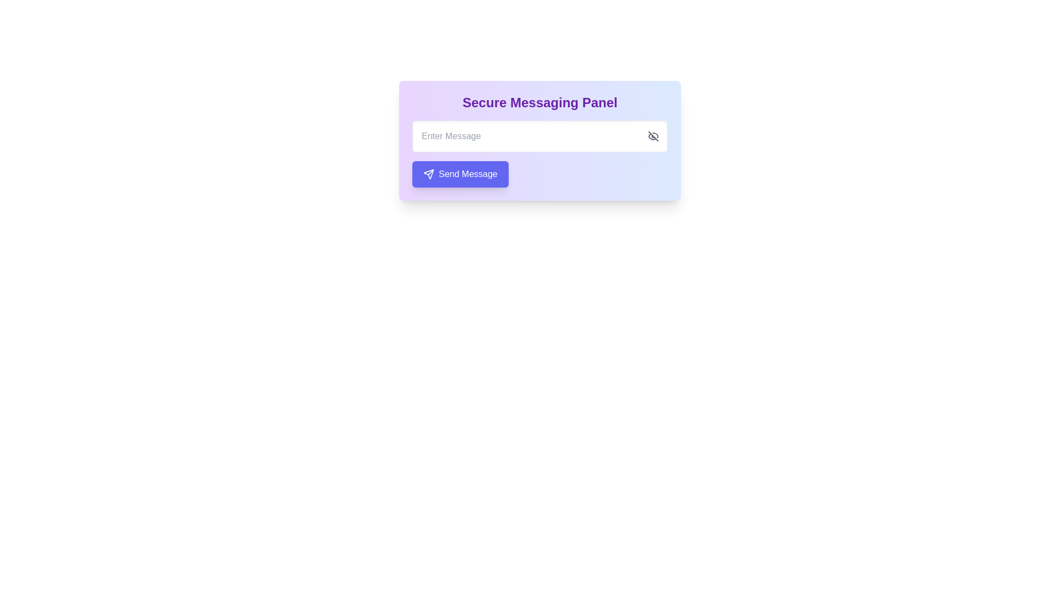 This screenshot has width=1057, height=594. I want to click on the small triangular-shaped icon resembling a paper plane, located inside the 'Send Message' button, so click(428, 173).